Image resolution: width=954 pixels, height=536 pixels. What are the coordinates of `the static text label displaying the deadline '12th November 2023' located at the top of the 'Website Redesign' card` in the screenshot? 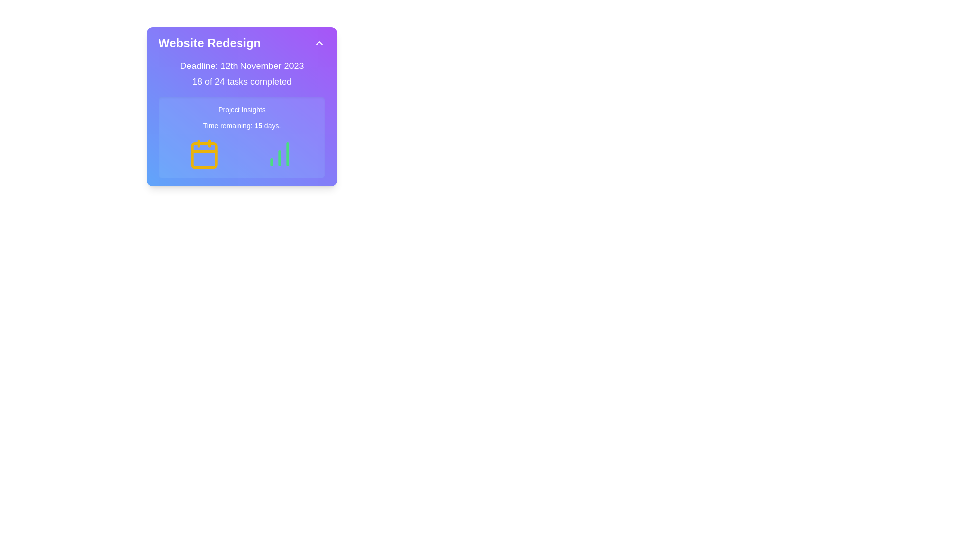 It's located at (241, 66).